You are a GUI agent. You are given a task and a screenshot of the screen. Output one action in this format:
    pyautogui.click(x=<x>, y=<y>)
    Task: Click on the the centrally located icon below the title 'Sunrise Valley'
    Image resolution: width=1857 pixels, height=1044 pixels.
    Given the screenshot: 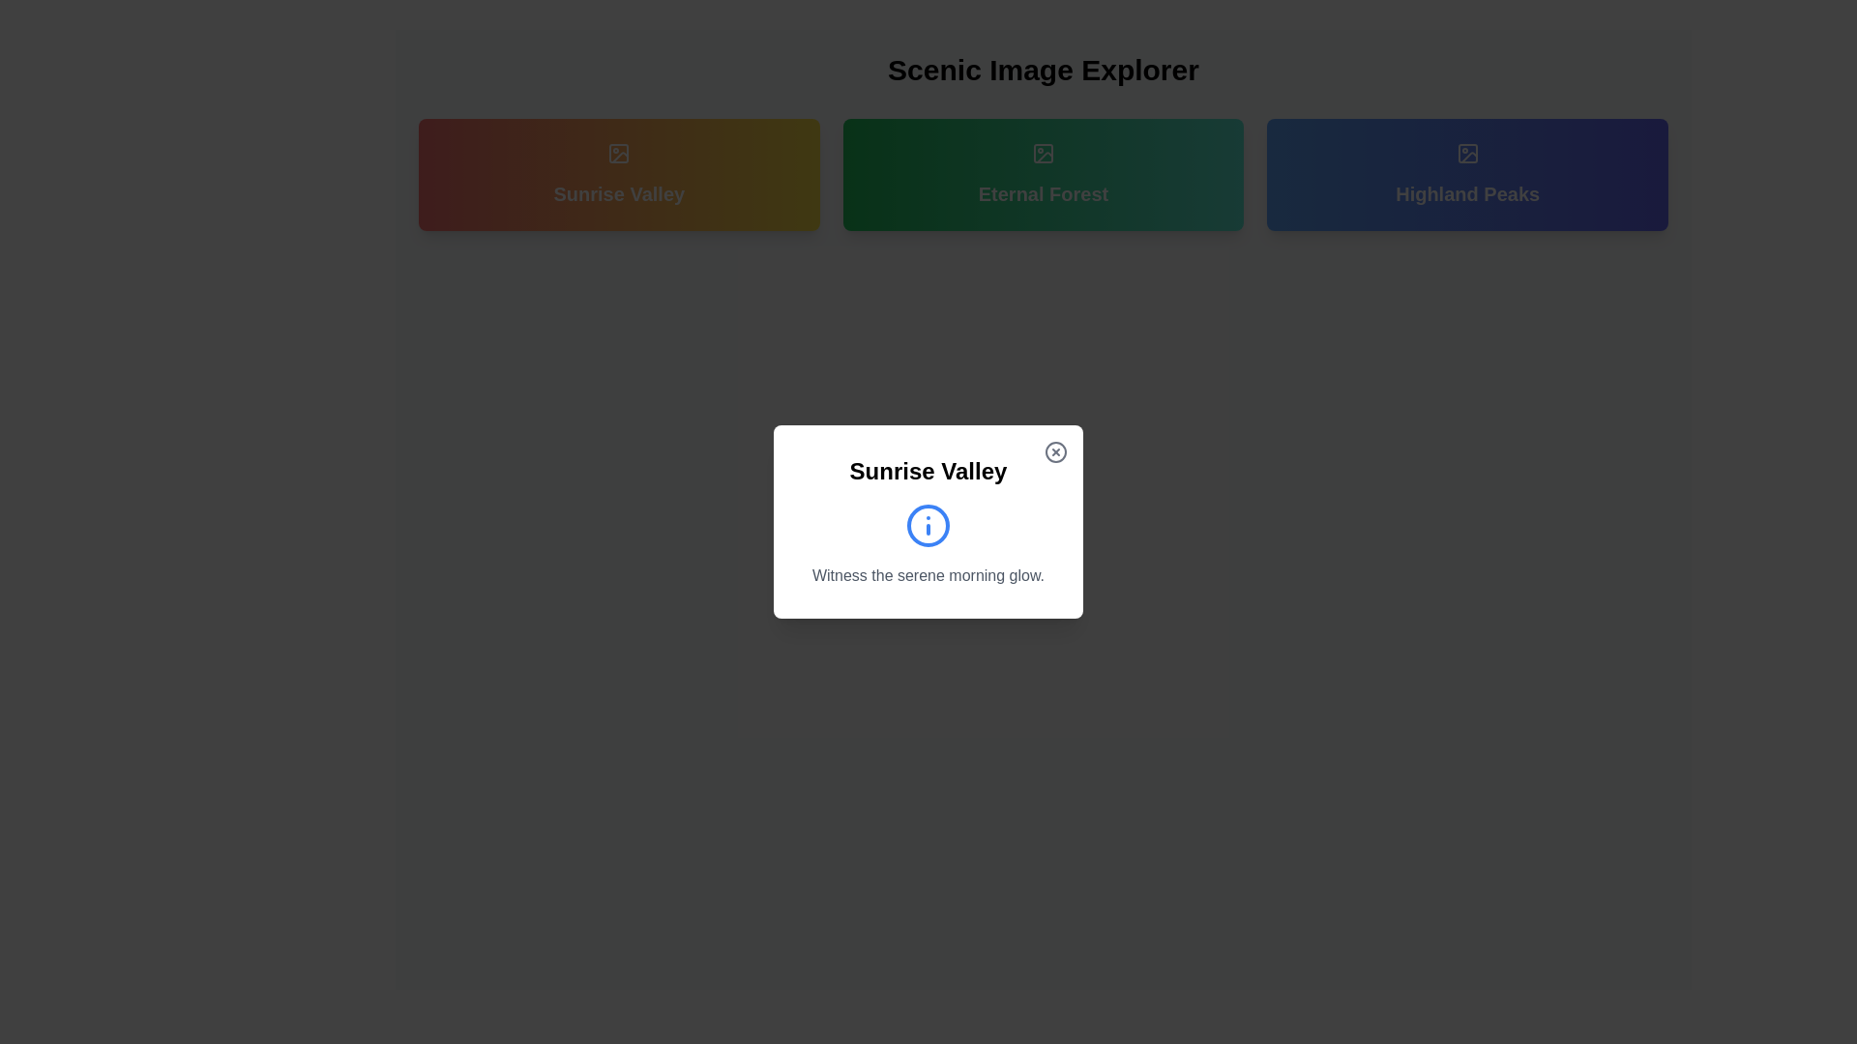 What is the action you would take?
    pyautogui.click(x=928, y=525)
    